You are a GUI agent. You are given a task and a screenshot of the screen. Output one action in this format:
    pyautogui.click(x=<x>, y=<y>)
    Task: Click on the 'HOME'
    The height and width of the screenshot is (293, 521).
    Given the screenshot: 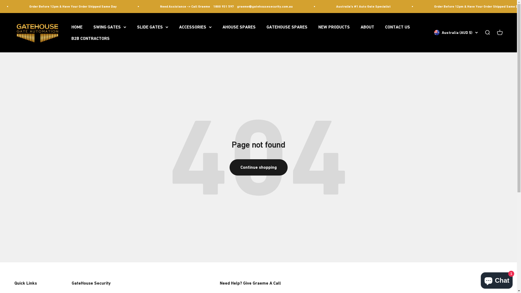 What is the action you would take?
    pyautogui.click(x=71, y=27)
    